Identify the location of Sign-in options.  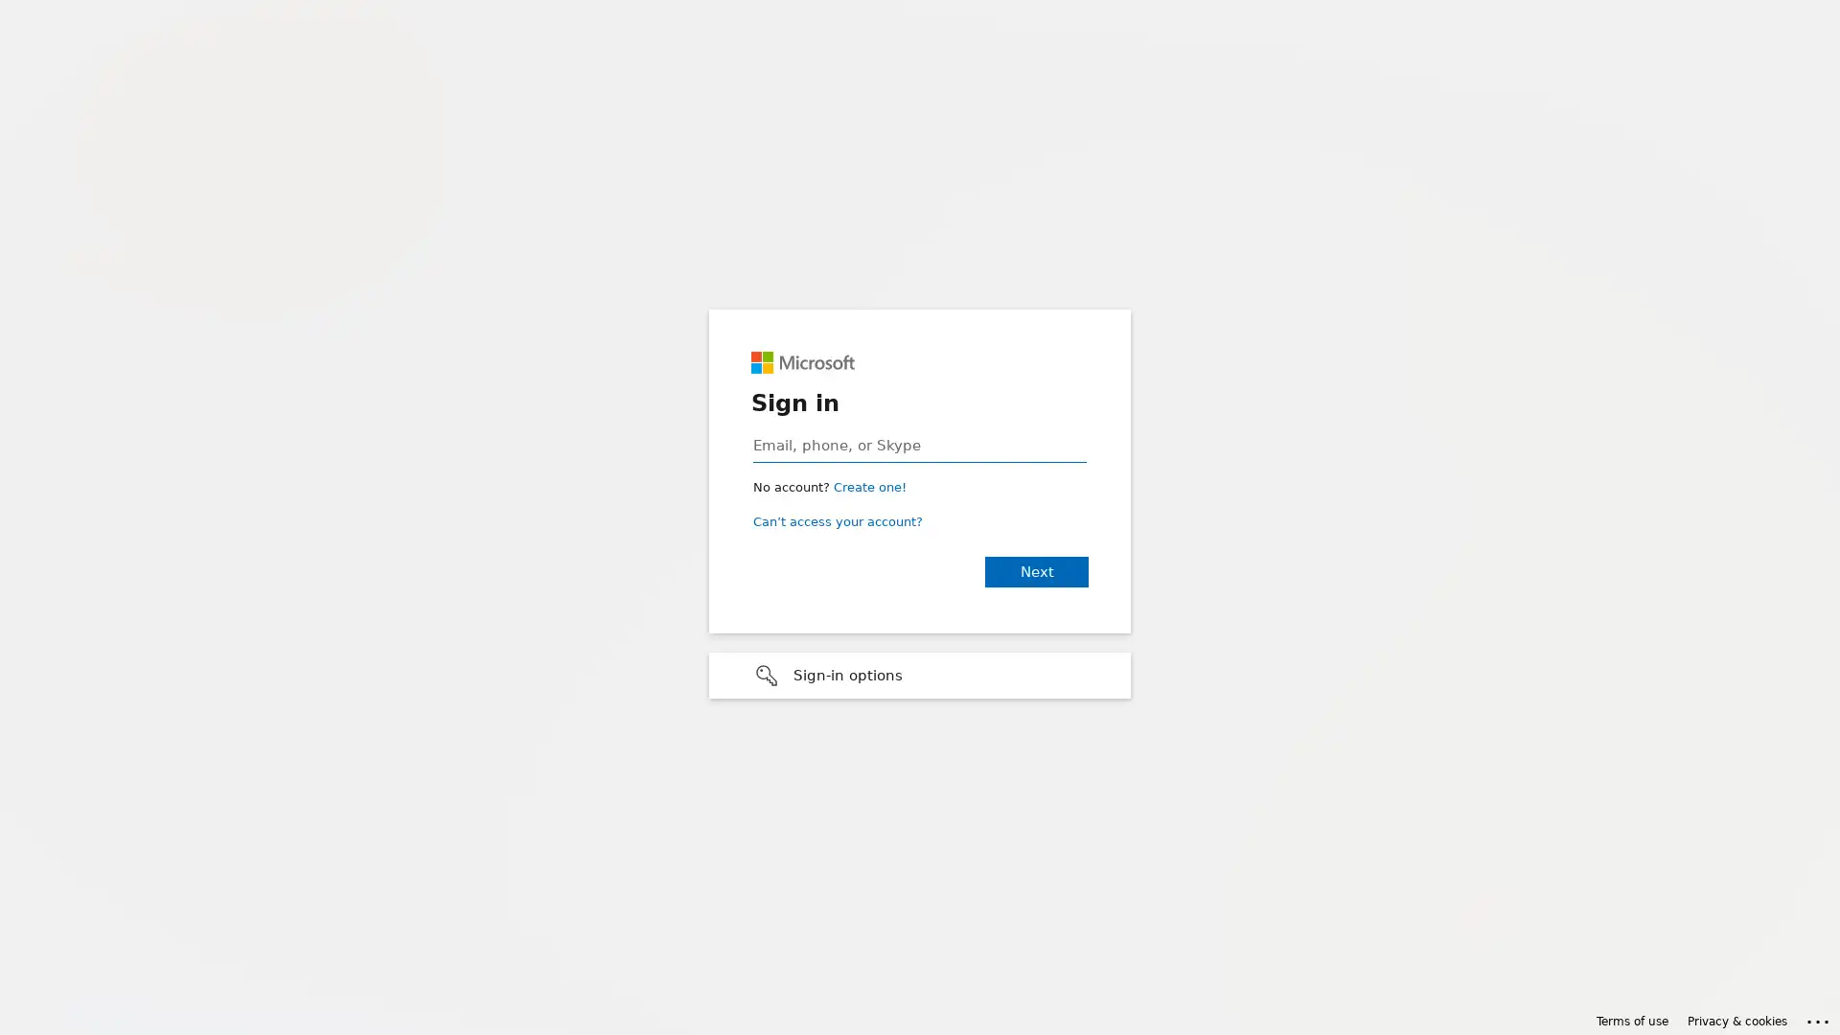
(920, 675).